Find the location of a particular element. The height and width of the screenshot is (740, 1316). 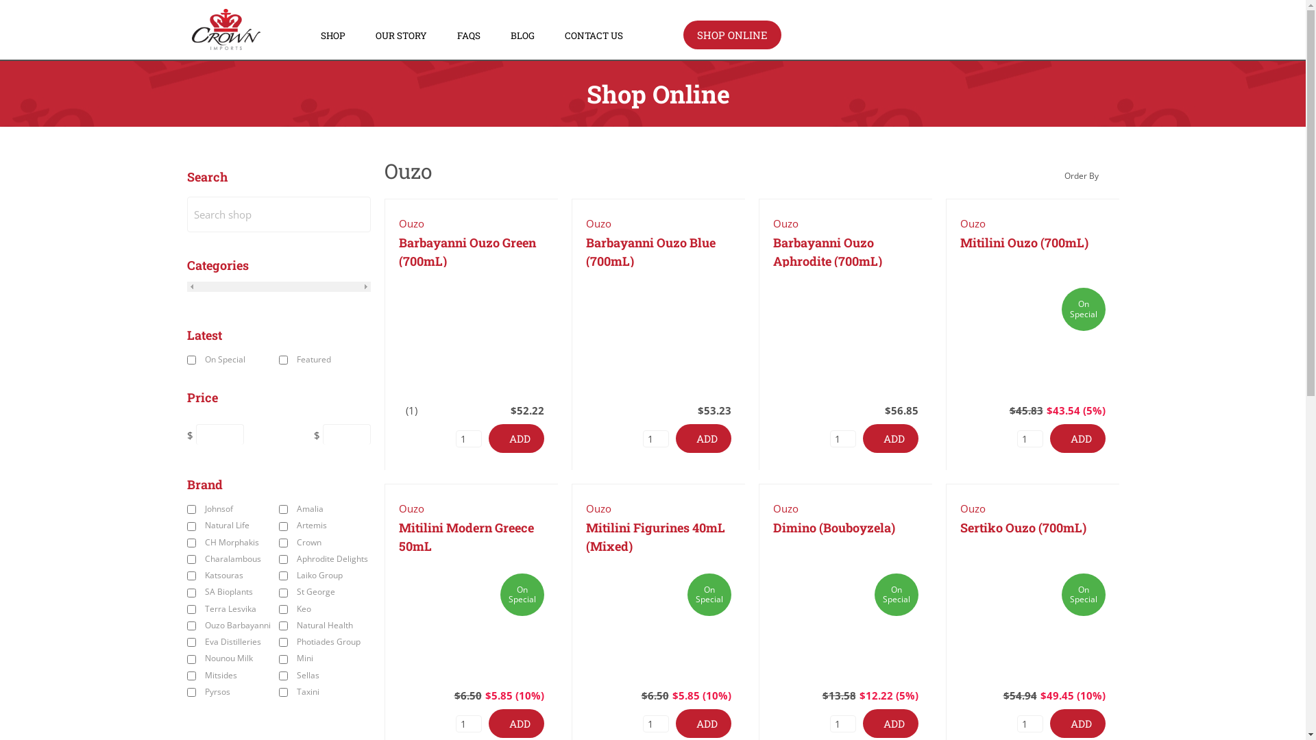

'ADD' is located at coordinates (515, 439).